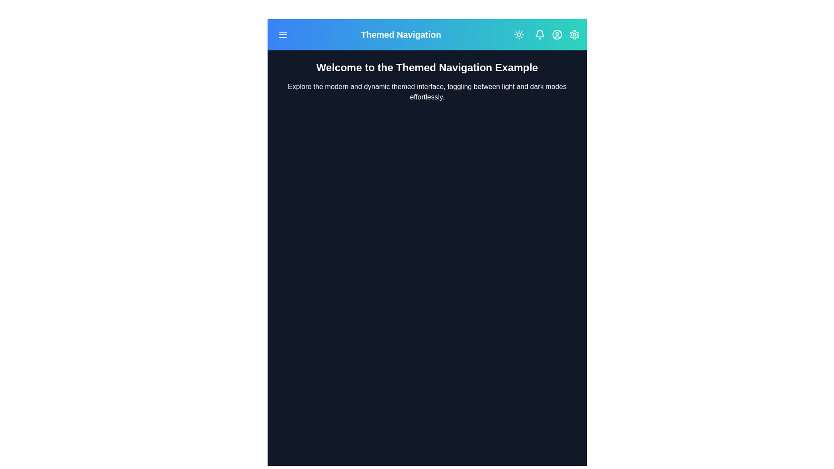 Image resolution: width=834 pixels, height=469 pixels. I want to click on the menu button to open the menu, so click(283, 34).